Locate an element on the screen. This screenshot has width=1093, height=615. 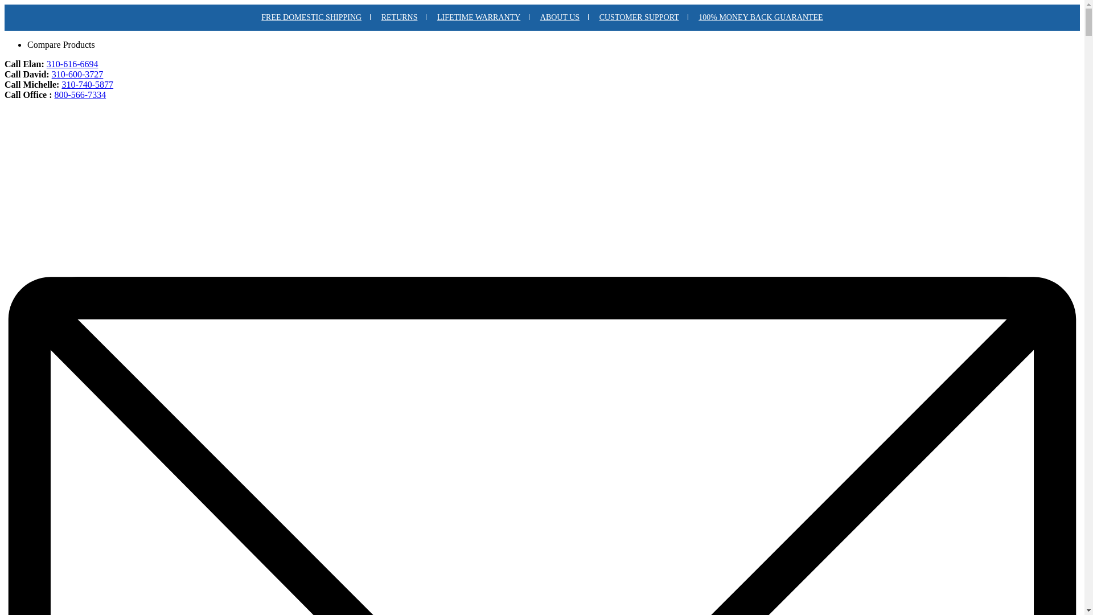
'ABOUT US' is located at coordinates (560, 17).